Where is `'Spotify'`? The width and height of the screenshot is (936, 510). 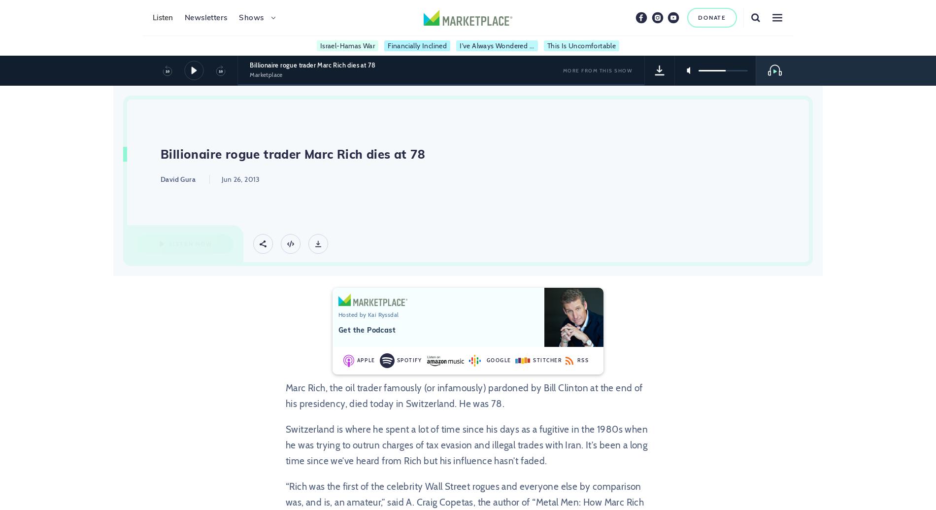
'Spotify' is located at coordinates (396, 360).